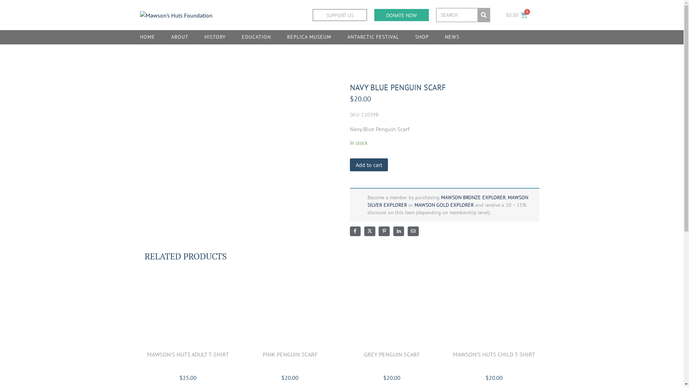 The height and width of the screenshot is (387, 689). I want to click on 'HISTORY', so click(215, 37).